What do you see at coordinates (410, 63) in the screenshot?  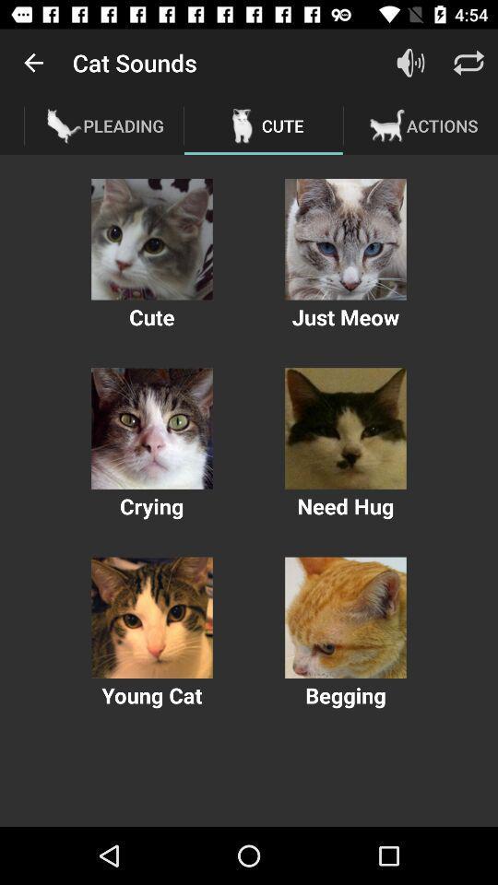 I see `volume` at bounding box center [410, 63].